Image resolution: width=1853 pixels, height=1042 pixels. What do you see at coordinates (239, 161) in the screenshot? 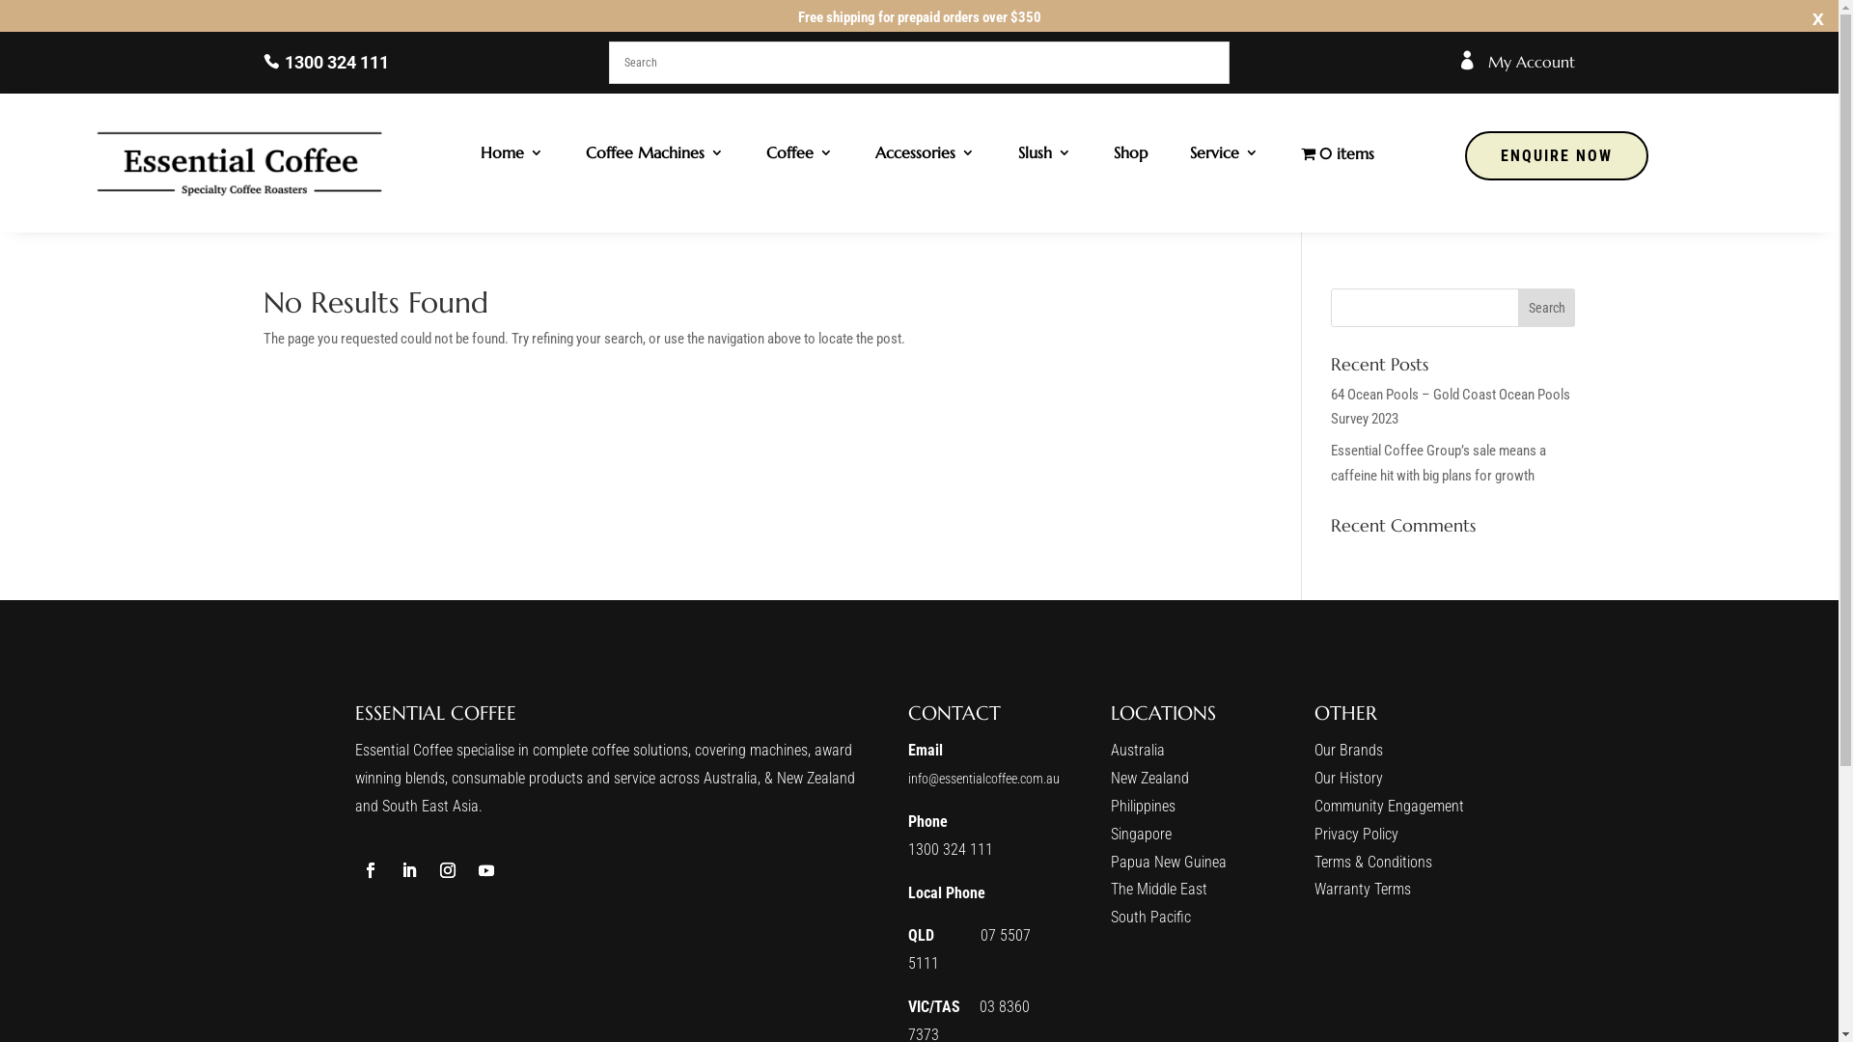
I see `'Website Logo'` at bounding box center [239, 161].